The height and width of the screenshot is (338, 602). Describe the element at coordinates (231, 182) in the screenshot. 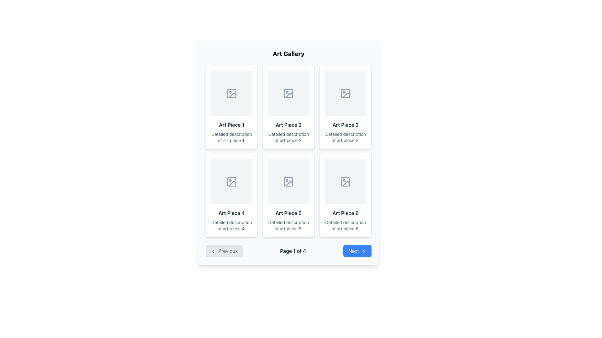

I see `the image placeholder element with a gray background and centered icon, located within the 'Art Piece 4' content card` at that location.